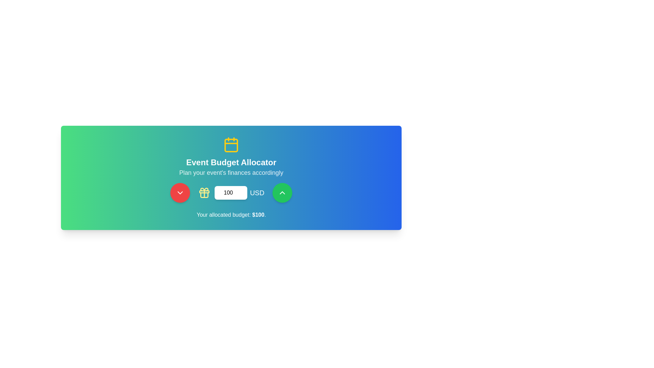 Image resolution: width=654 pixels, height=368 pixels. What do you see at coordinates (282, 193) in the screenshot?
I see `the increment button` at bounding box center [282, 193].